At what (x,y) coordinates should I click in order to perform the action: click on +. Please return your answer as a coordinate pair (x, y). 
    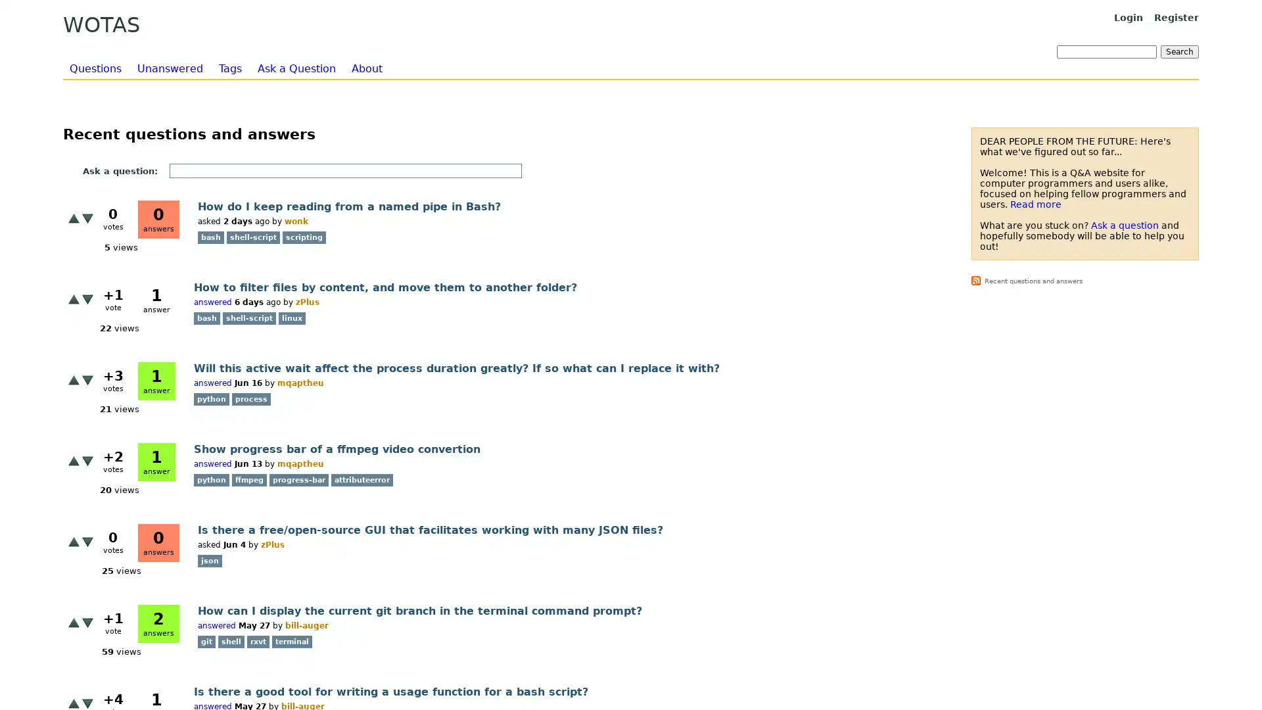
    Looking at the image, I should click on (73, 542).